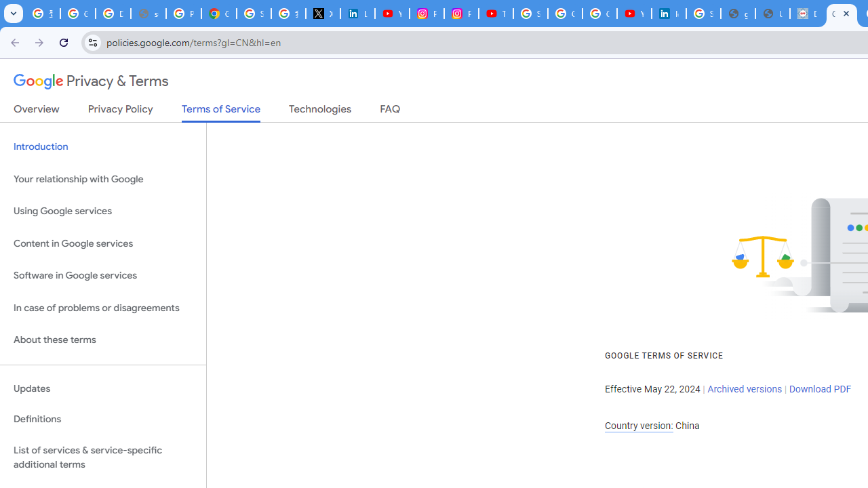  I want to click on 'Software in Google services', so click(102, 275).